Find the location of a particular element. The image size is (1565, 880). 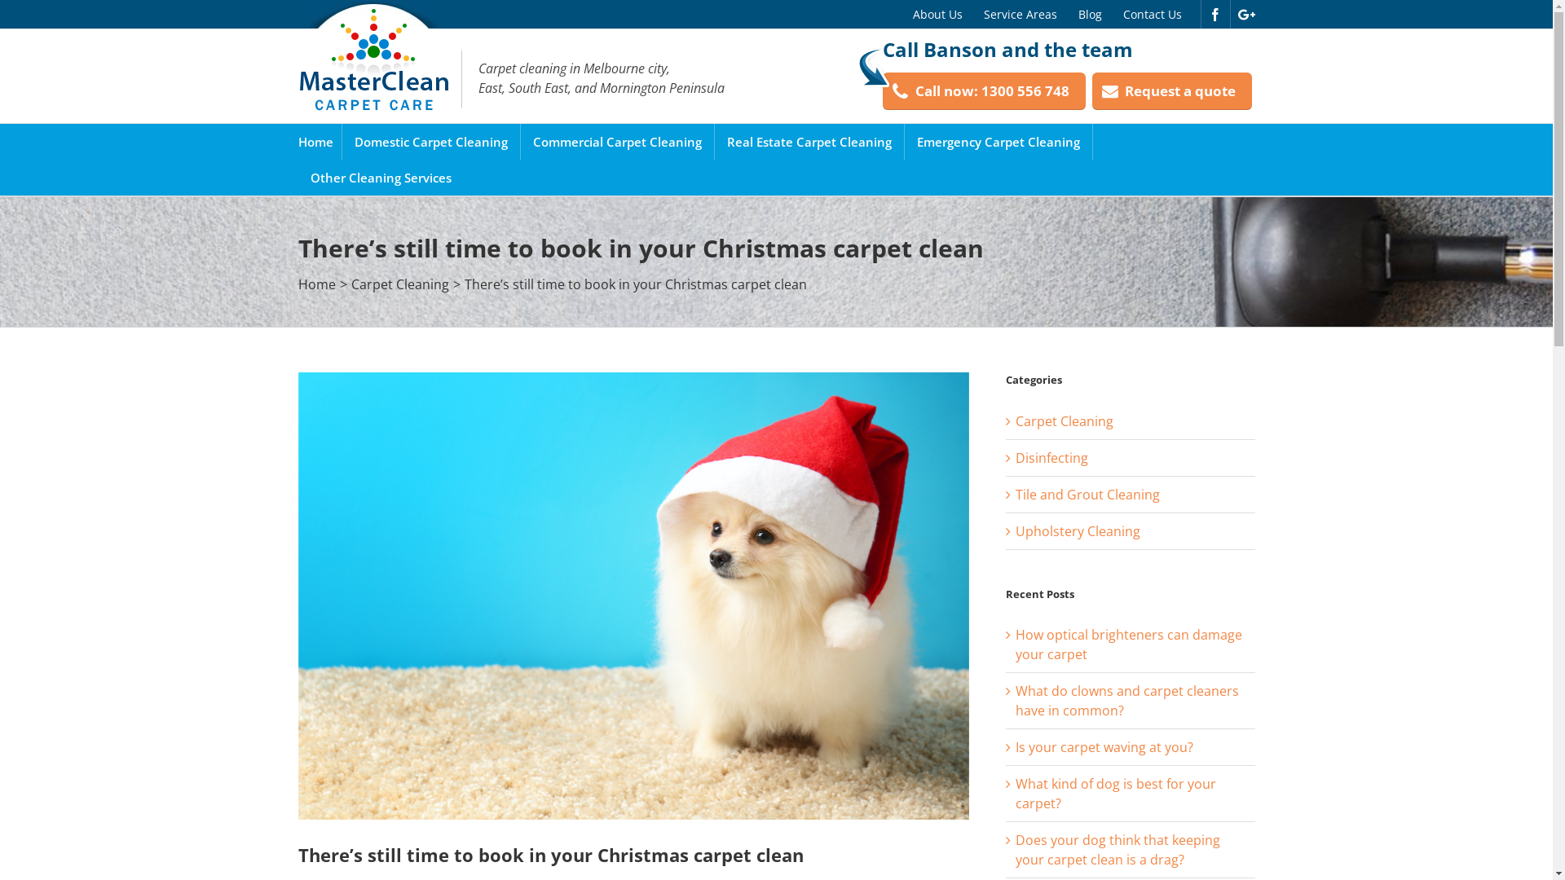

'About Us' is located at coordinates (937, 14).